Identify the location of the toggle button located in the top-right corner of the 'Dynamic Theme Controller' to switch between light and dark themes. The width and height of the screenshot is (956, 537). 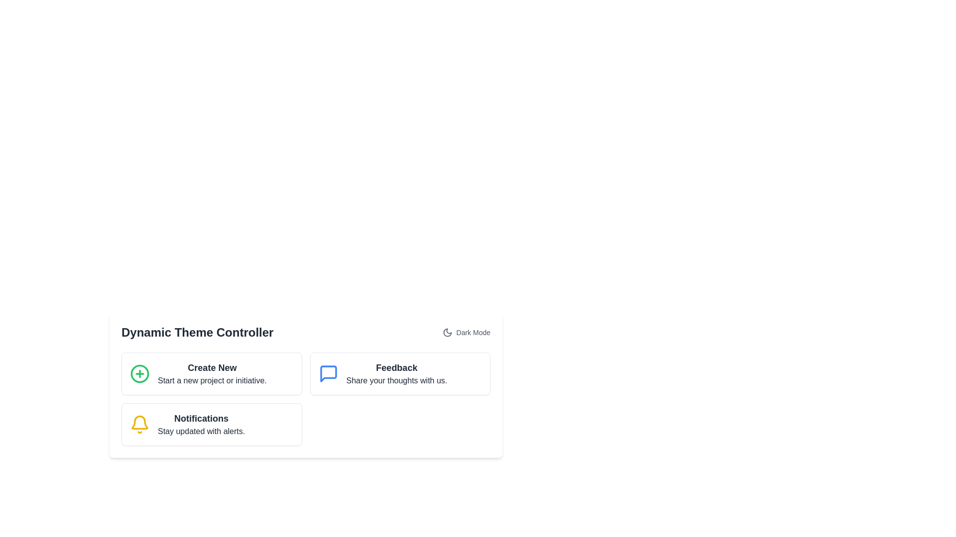
(466, 332).